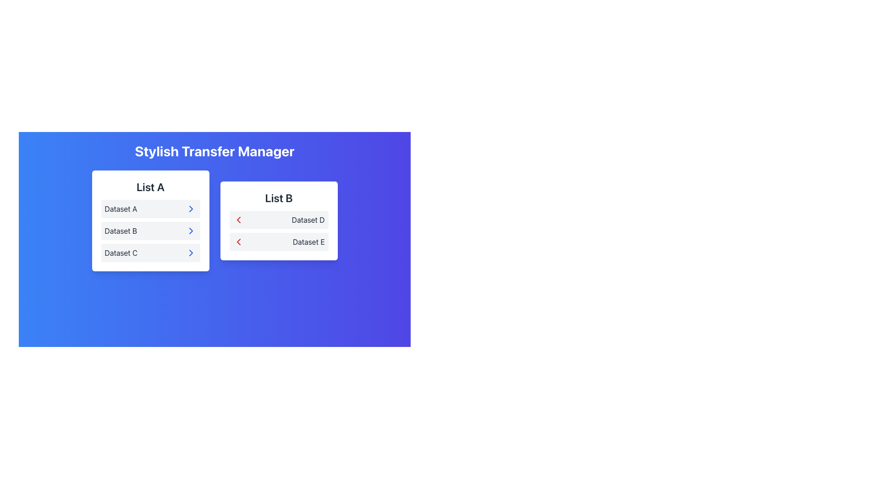 This screenshot has height=495, width=880. Describe the element at coordinates (150, 187) in the screenshot. I see `the text header displaying 'List A', which is styled as a bold, large-size font and is the primary heading at the top of the left pane` at that location.